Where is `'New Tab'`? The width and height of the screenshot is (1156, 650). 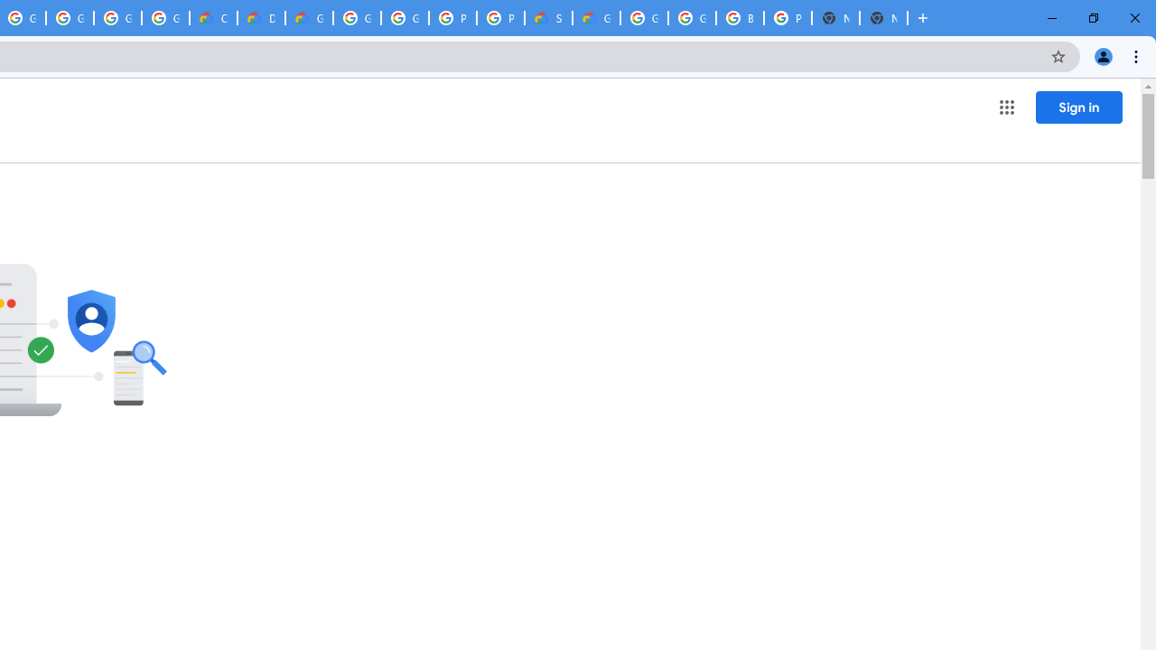 'New Tab' is located at coordinates (883, 18).